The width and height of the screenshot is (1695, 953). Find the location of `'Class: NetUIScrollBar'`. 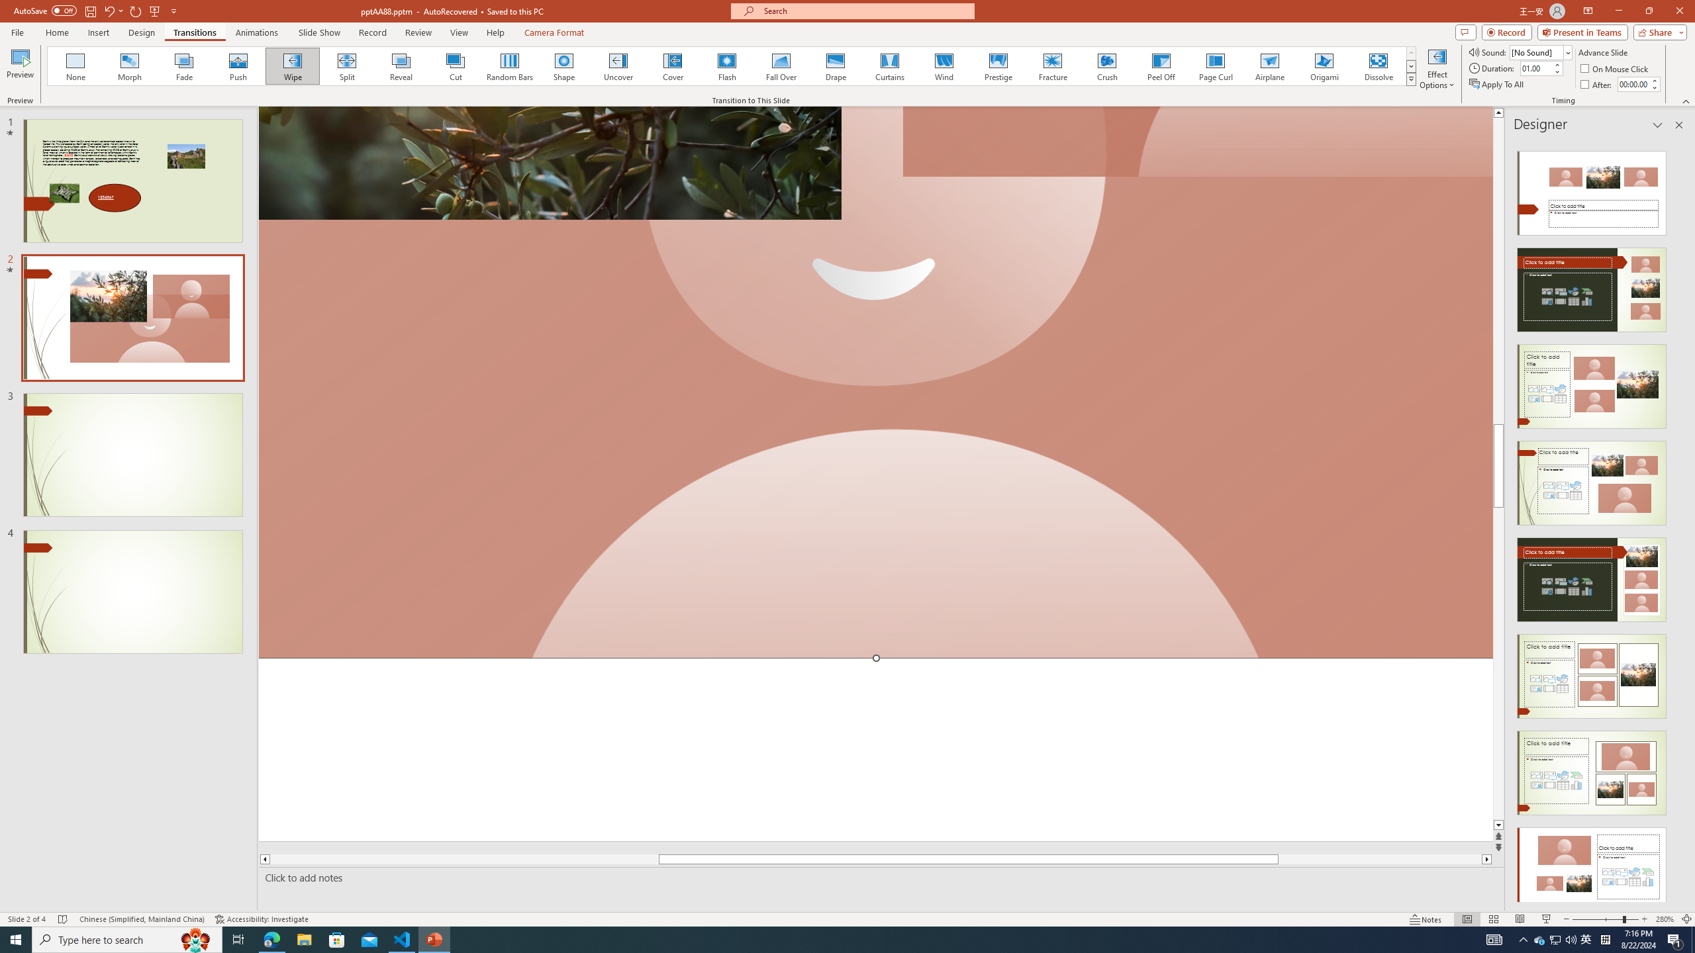

'Class: NetUIScrollBar' is located at coordinates (1677, 520).